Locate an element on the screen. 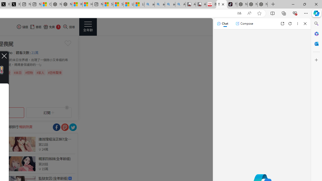 The height and width of the screenshot is (181, 322). 'Nordace - Siena Pro 15 Essential Set' is located at coordinates (262, 4).